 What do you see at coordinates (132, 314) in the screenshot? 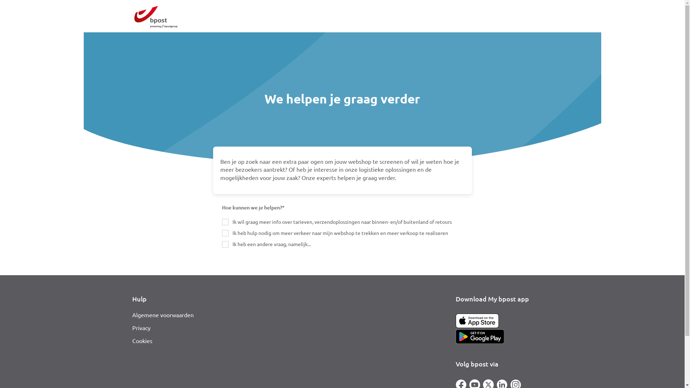
I see `'Algemene voorwaarden'` at bounding box center [132, 314].